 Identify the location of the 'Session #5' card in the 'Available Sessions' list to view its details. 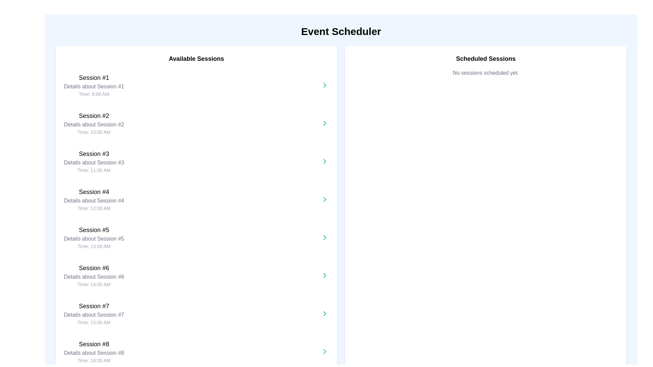
(196, 237).